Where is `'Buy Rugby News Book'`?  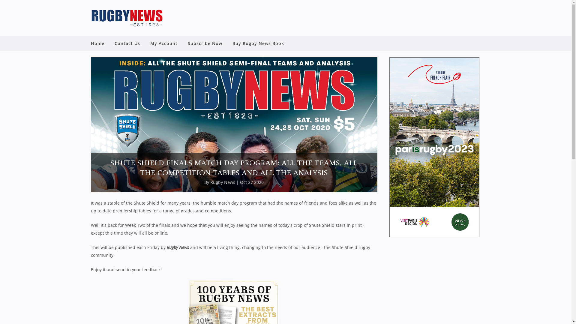 'Buy Rugby News Book' is located at coordinates (258, 43).